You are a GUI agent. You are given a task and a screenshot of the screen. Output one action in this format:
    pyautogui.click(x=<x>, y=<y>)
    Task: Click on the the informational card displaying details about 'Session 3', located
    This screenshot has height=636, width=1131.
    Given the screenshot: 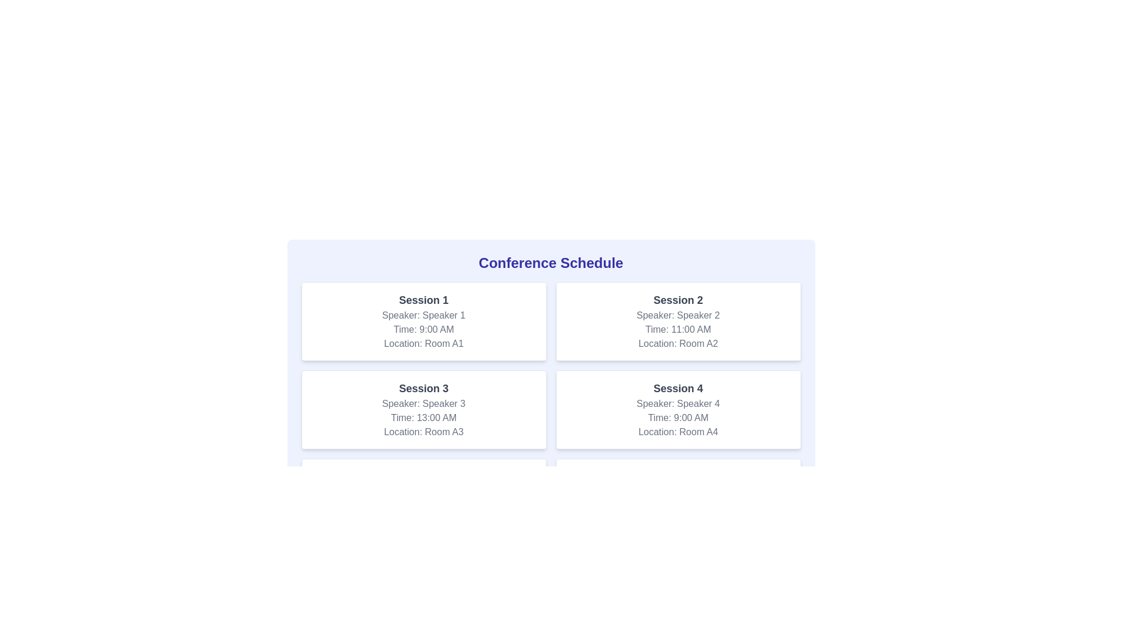 What is the action you would take?
    pyautogui.click(x=424, y=409)
    